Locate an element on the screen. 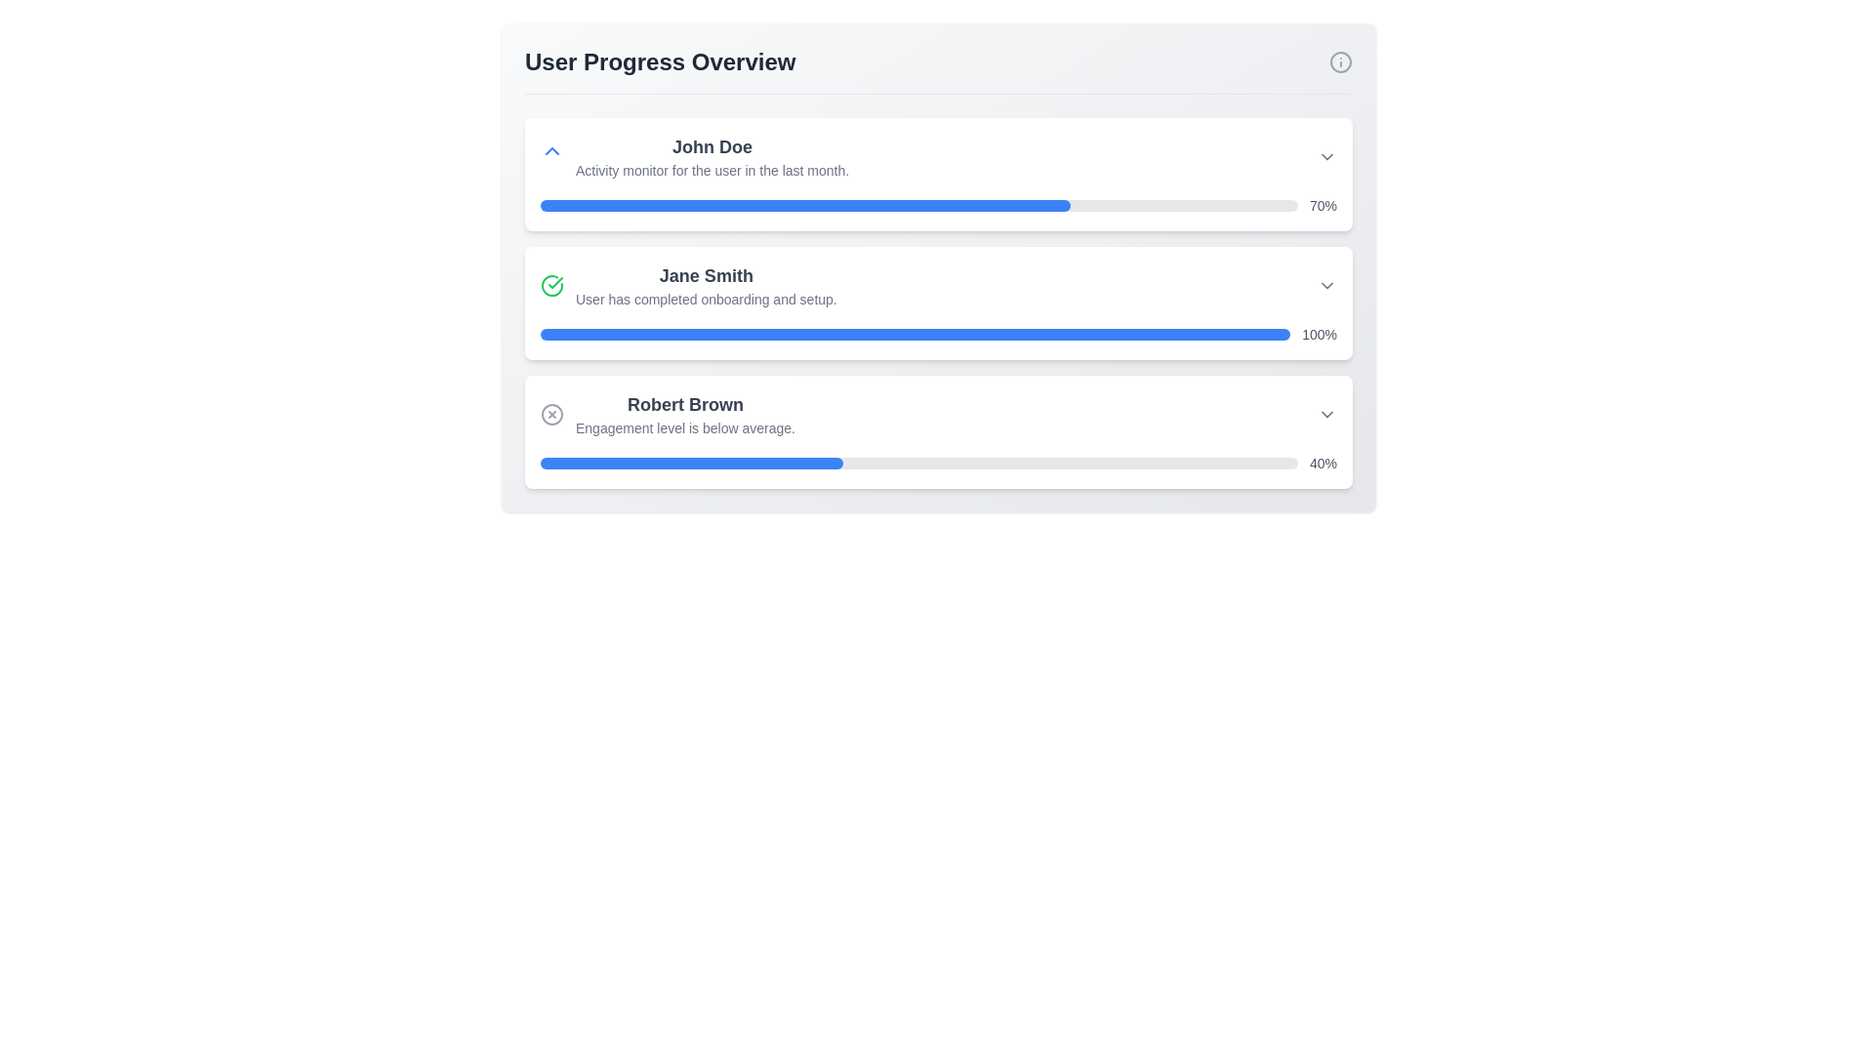  text from the label displaying '100%' styled in gray color, located immediately to the right of the blue progress bar is located at coordinates (1320, 334).